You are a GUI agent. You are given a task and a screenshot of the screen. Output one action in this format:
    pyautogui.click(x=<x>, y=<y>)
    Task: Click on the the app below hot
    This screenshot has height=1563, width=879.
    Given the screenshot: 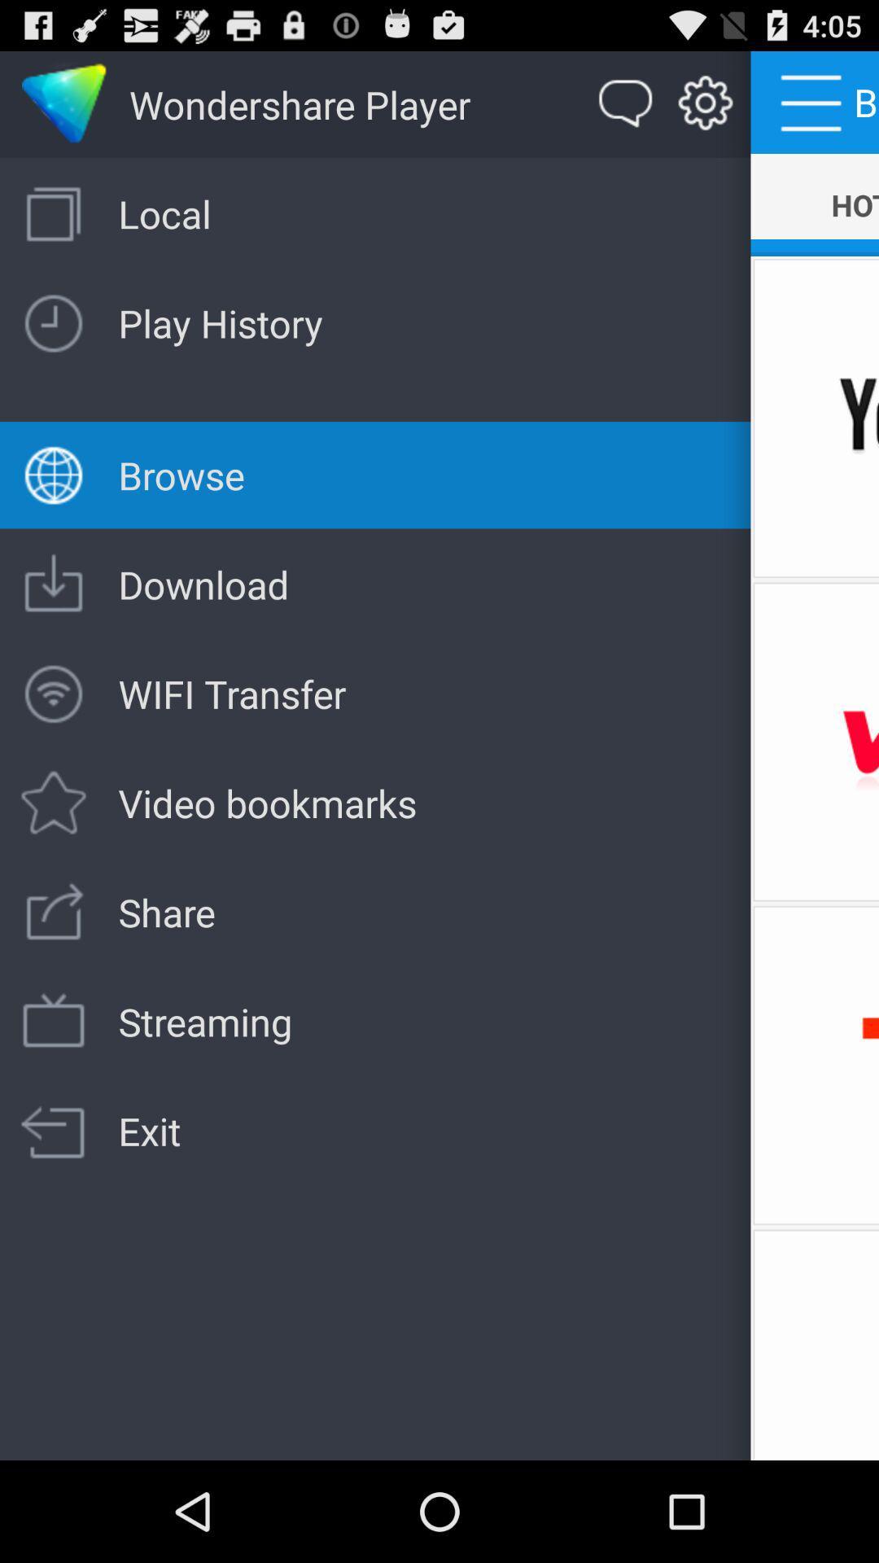 What is the action you would take?
    pyautogui.click(x=815, y=418)
    